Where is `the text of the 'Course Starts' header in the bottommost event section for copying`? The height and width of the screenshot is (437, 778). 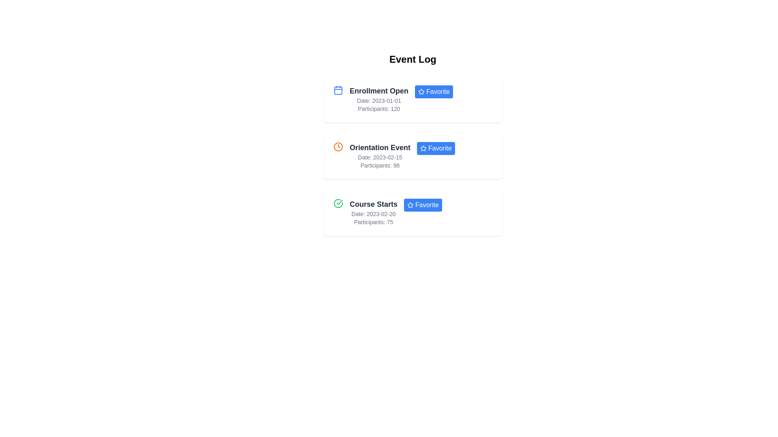 the text of the 'Course Starts' header in the bottommost event section for copying is located at coordinates (373, 204).